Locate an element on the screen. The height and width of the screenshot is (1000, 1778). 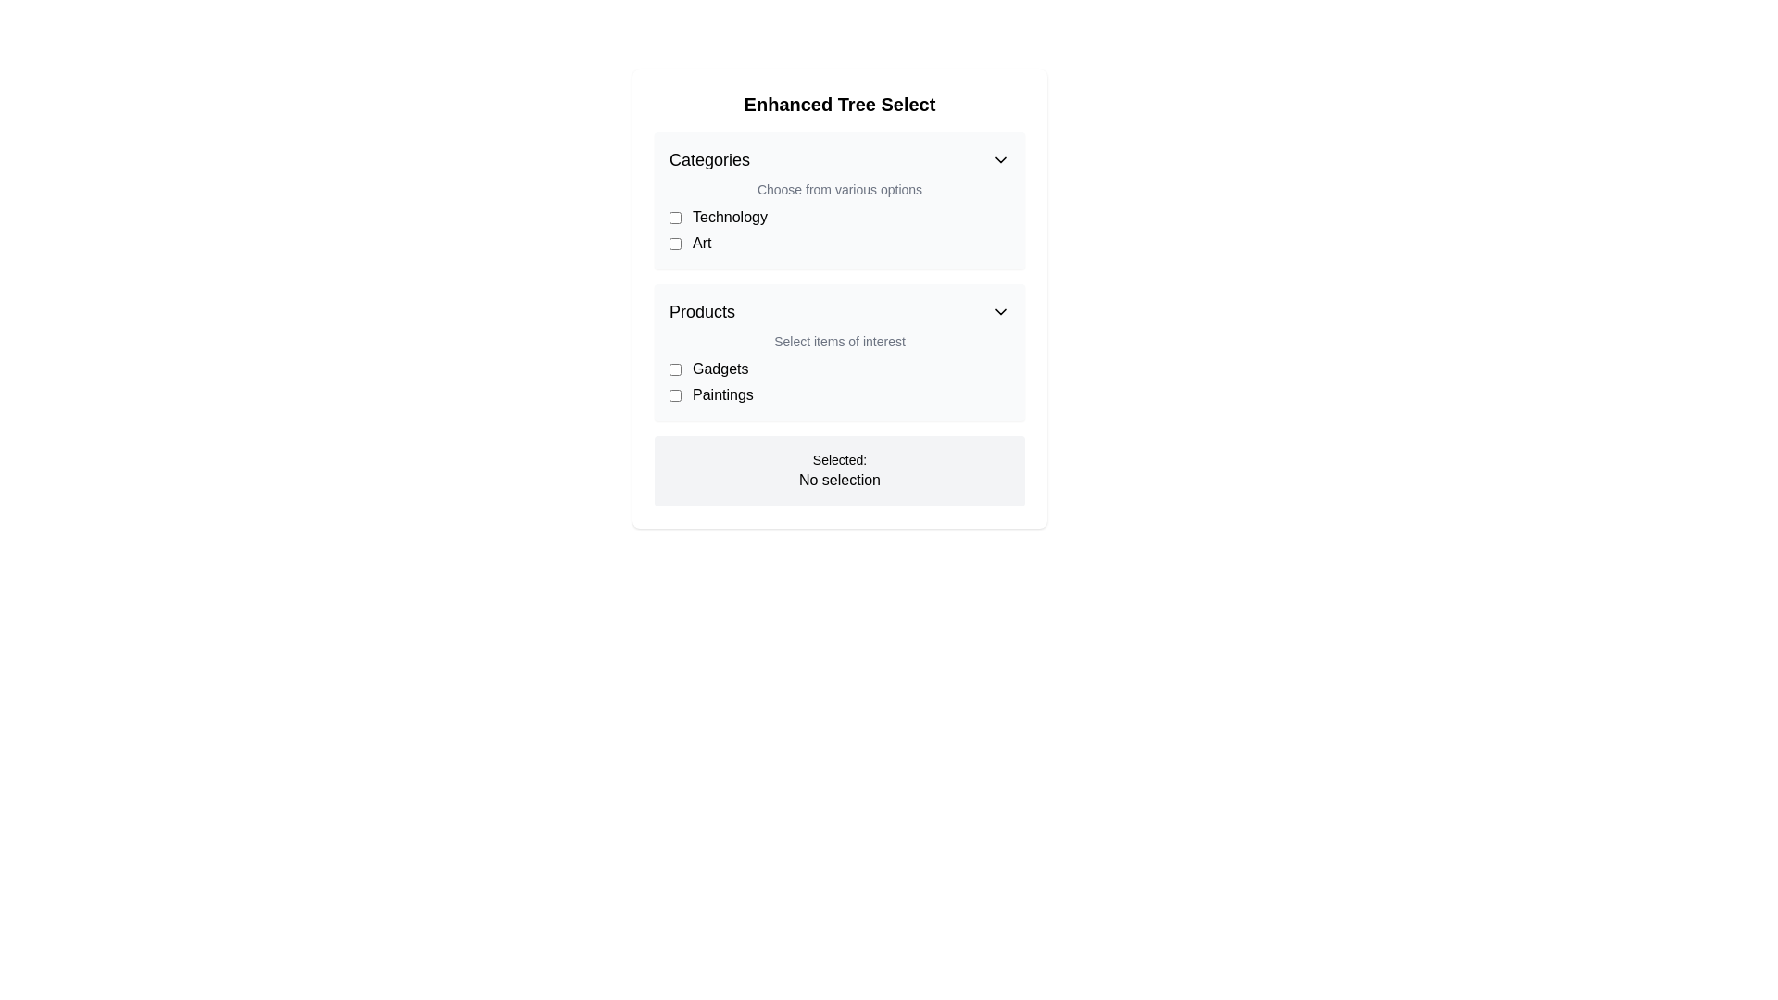
the checkbox next to the text label 'Paintings' is located at coordinates (674, 394).